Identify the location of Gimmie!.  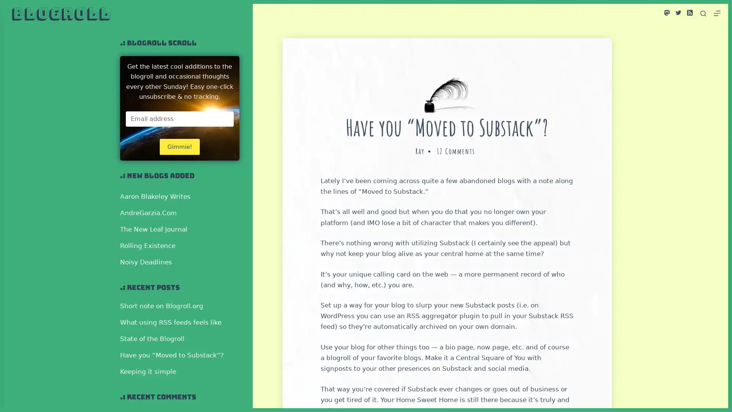
(179, 146).